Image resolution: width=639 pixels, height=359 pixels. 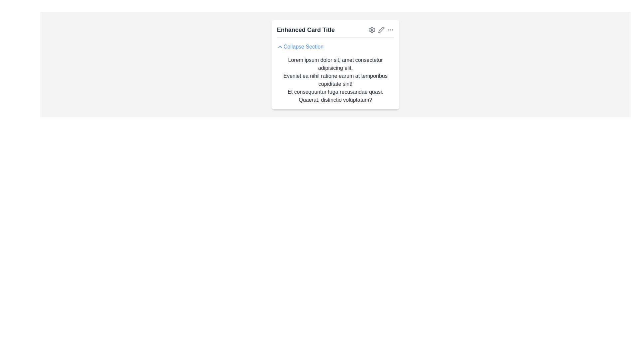 I want to click on the descriptive text block located within the card titled 'Enhanced Card Title', which is the first of three vertically stacked text elements, so click(x=335, y=64).